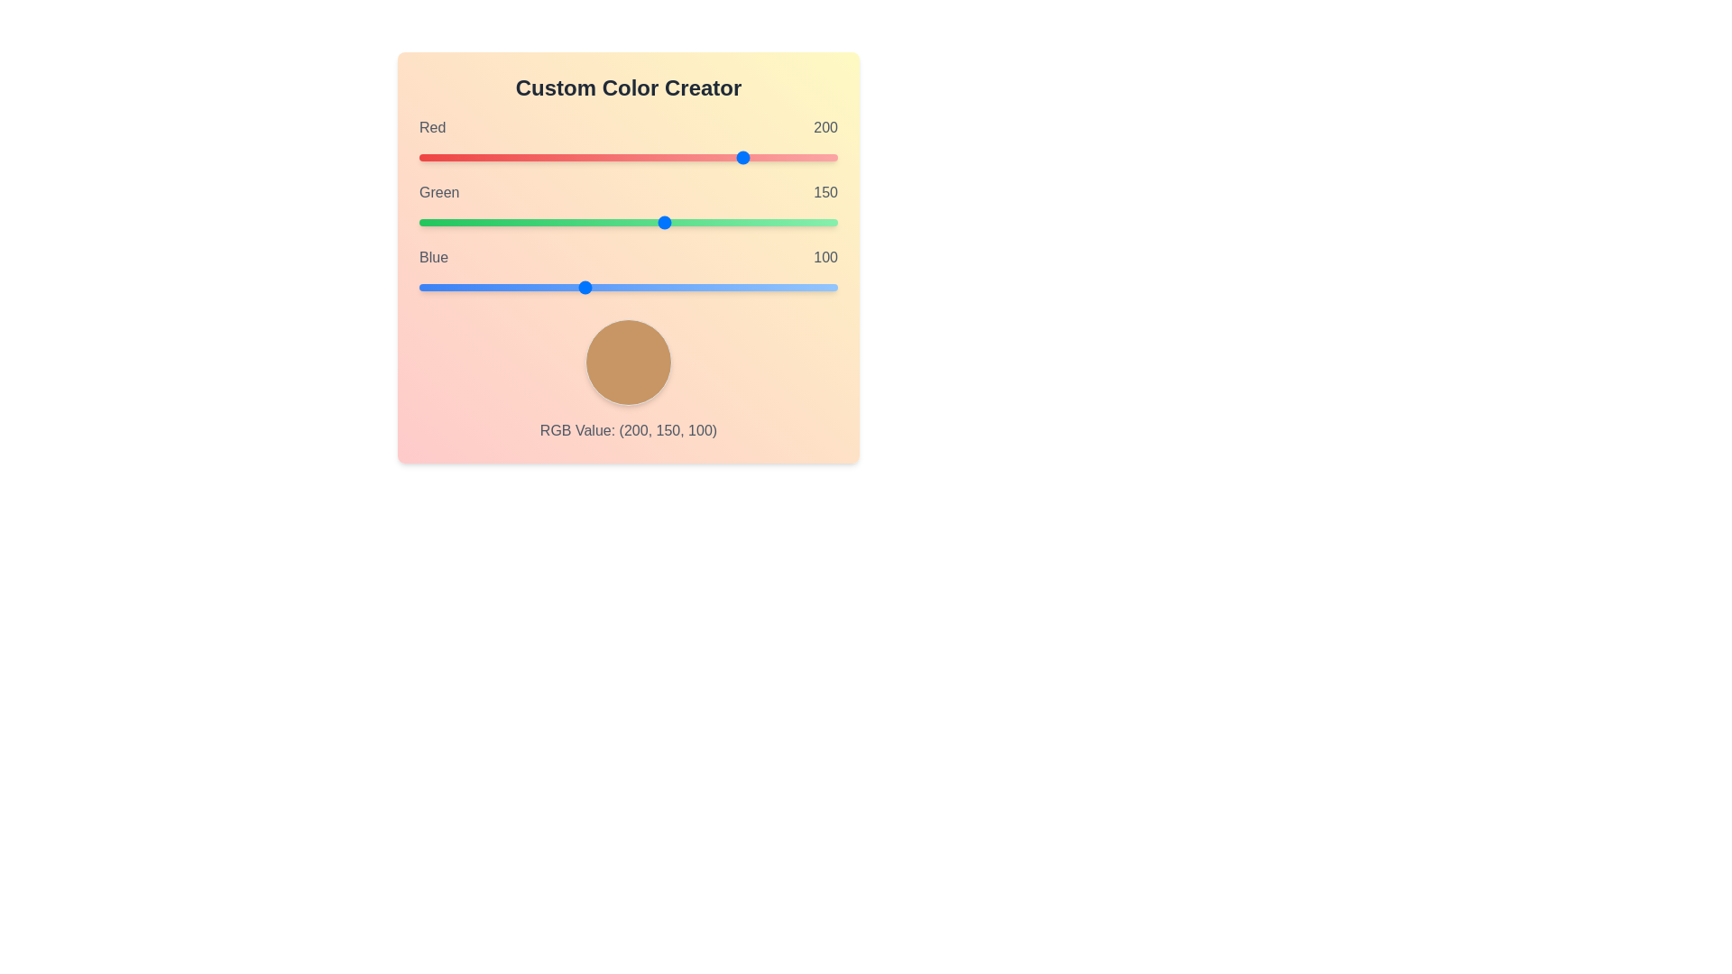 The image size is (1732, 974). Describe the element at coordinates (541, 221) in the screenshot. I see `the Green slider to set the green component to 75` at that location.